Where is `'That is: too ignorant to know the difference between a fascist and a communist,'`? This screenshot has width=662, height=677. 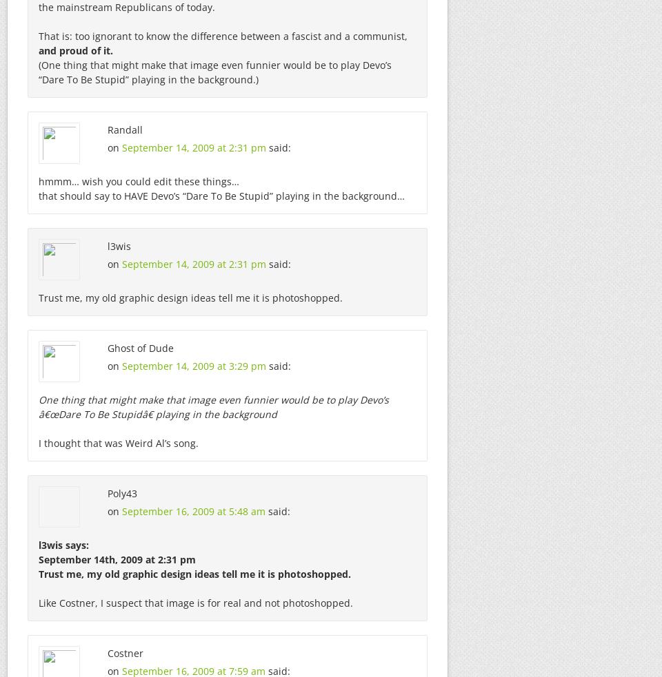 'That is: too ignorant to know the difference between a fascist and a communist,' is located at coordinates (223, 35).